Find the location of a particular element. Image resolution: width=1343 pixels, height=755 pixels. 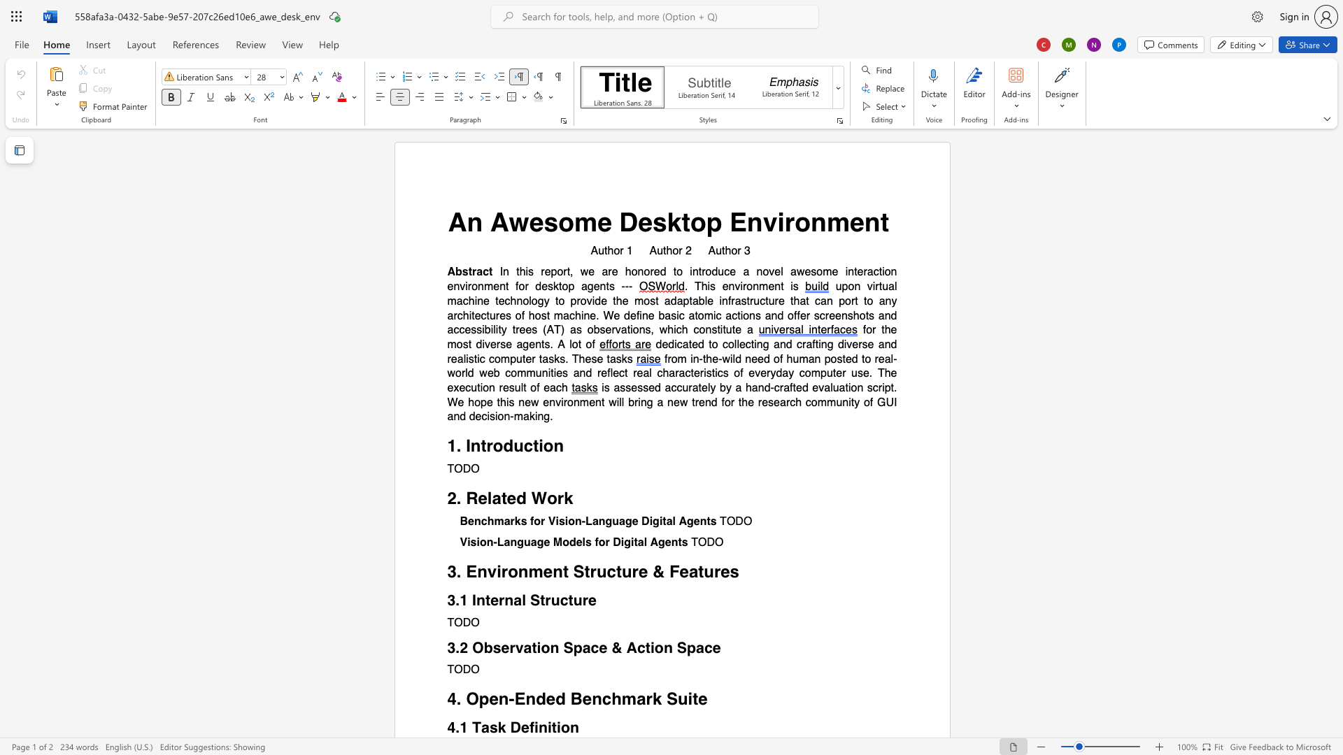

the subset text "on-making" within the text "will bring a new trend for the research community of GUI and decision-making." is located at coordinates (497, 416).